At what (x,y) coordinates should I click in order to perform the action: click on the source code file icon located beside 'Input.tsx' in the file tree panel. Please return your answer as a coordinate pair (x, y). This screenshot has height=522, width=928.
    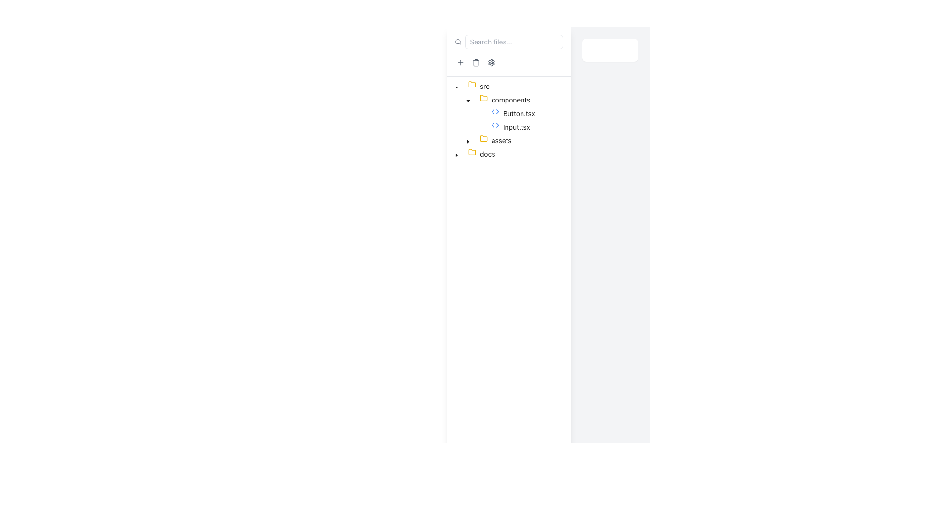
    Looking at the image, I should click on (495, 111).